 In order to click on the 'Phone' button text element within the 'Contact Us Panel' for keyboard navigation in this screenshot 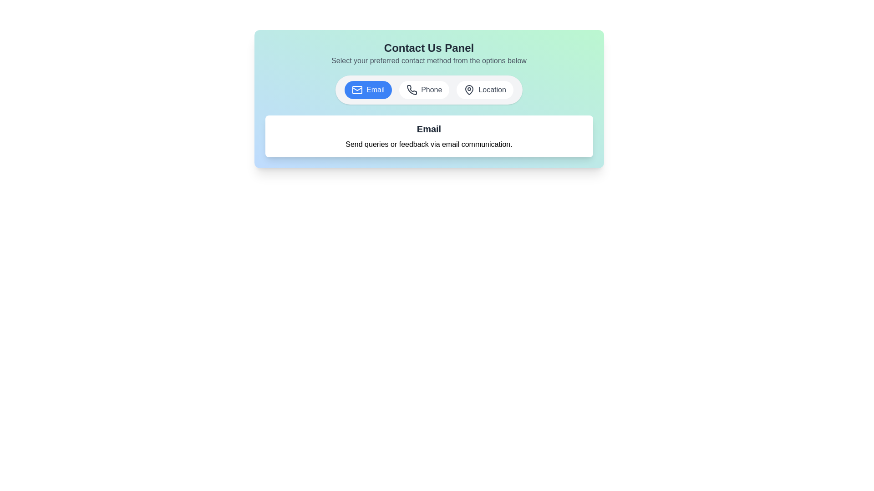, I will do `click(431, 90)`.